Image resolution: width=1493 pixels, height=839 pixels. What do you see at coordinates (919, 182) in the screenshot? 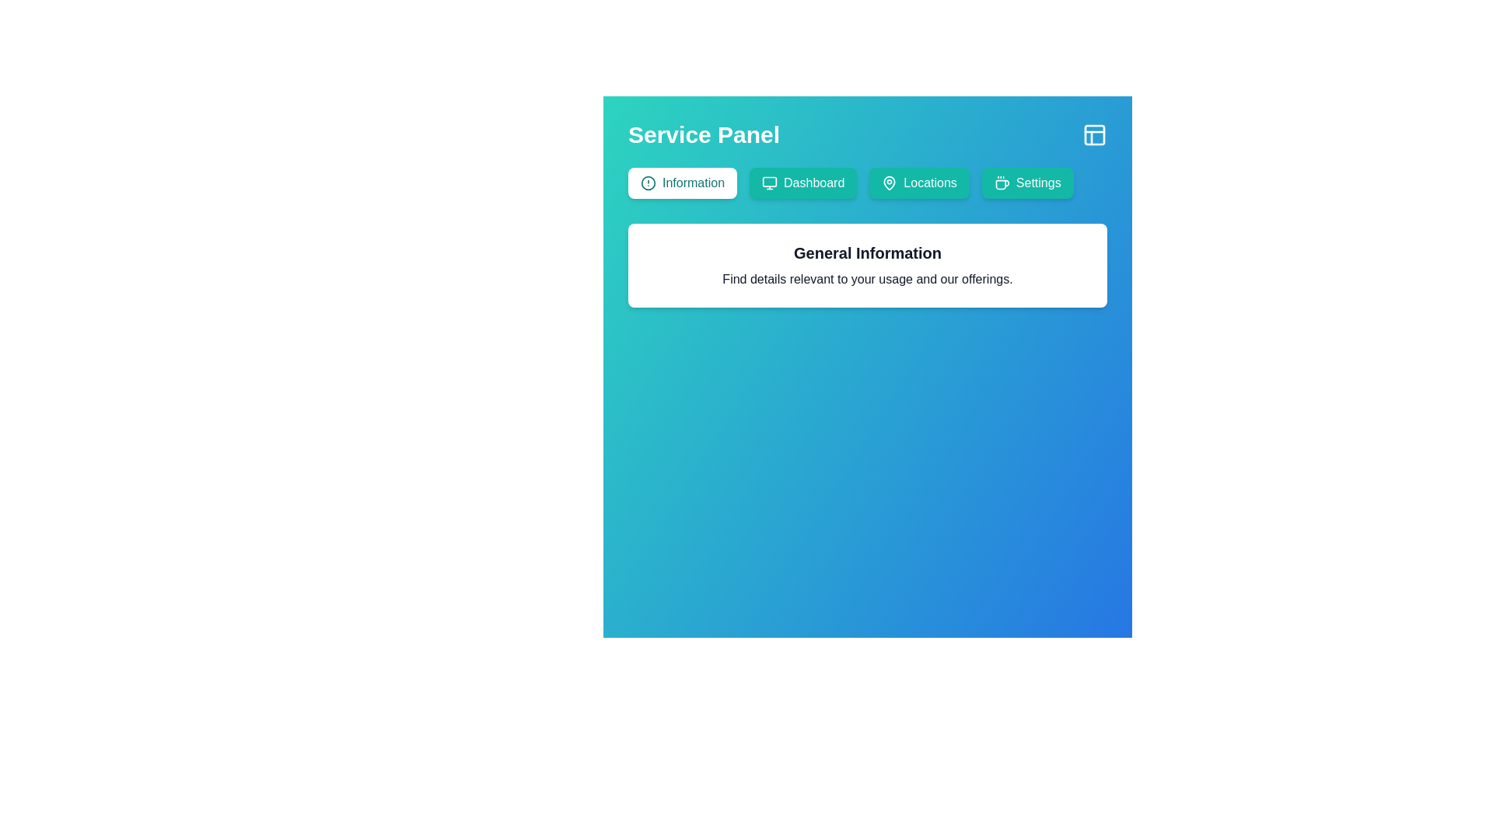
I see `the 'Locations' button, which is a rectangular button with a teal background, white text, and a map pin icon` at bounding box center [919, 182].